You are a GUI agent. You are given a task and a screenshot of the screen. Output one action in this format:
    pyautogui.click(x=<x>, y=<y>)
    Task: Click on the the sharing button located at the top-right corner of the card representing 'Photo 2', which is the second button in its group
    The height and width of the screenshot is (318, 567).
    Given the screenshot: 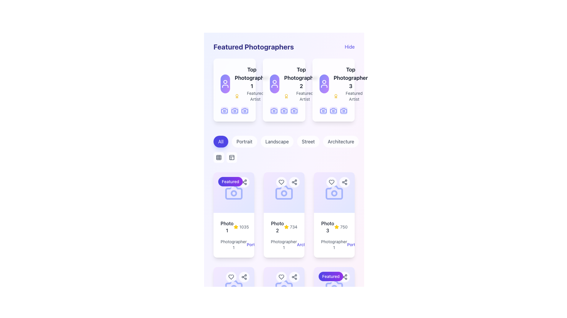 What is the action you would take?
    pyautogui.click(x=294, y=182)
    